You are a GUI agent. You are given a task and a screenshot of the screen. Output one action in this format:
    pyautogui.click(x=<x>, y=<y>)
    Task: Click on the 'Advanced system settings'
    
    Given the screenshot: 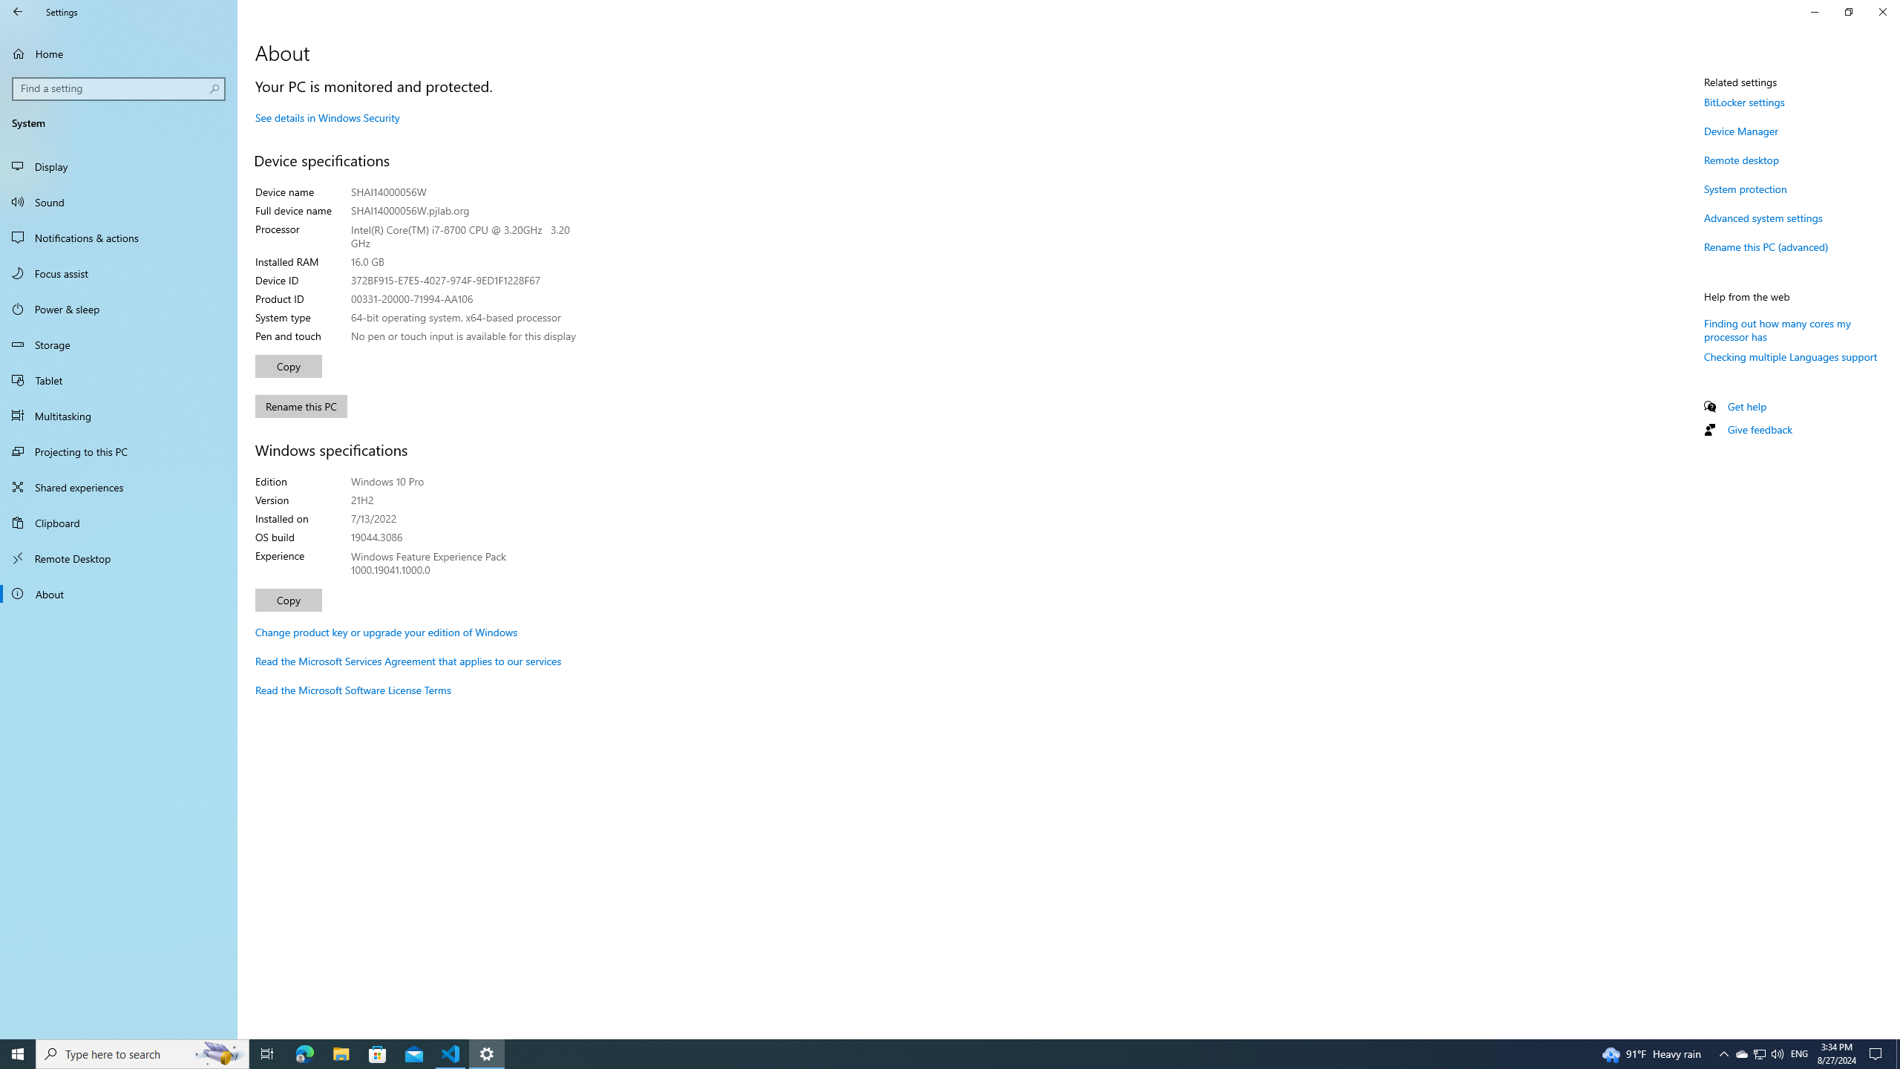 What is the action you would take?
    pyautogui.click(x=1762, y=217)
    